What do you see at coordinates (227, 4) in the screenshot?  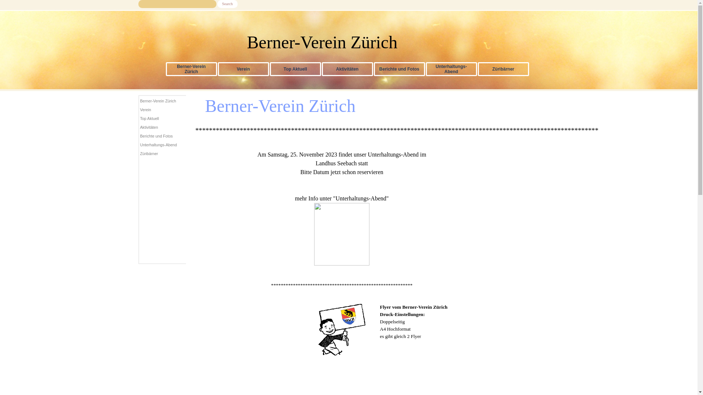 I see `'Search'` at bounding box center [227, 4].